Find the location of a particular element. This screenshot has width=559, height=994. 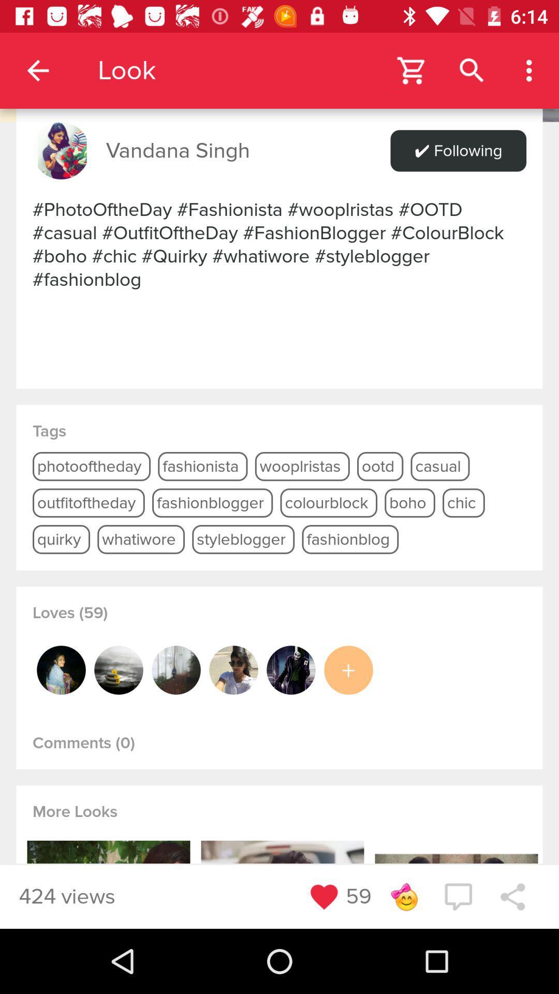

the item below the loves (59) item is located at coordinates (291, 670).